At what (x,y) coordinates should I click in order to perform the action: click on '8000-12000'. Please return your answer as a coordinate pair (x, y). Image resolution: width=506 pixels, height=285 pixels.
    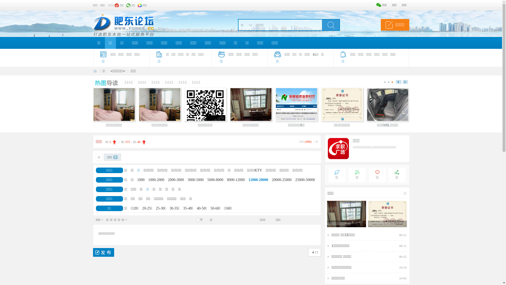
    Looking at the image, I should click on (235, 179).